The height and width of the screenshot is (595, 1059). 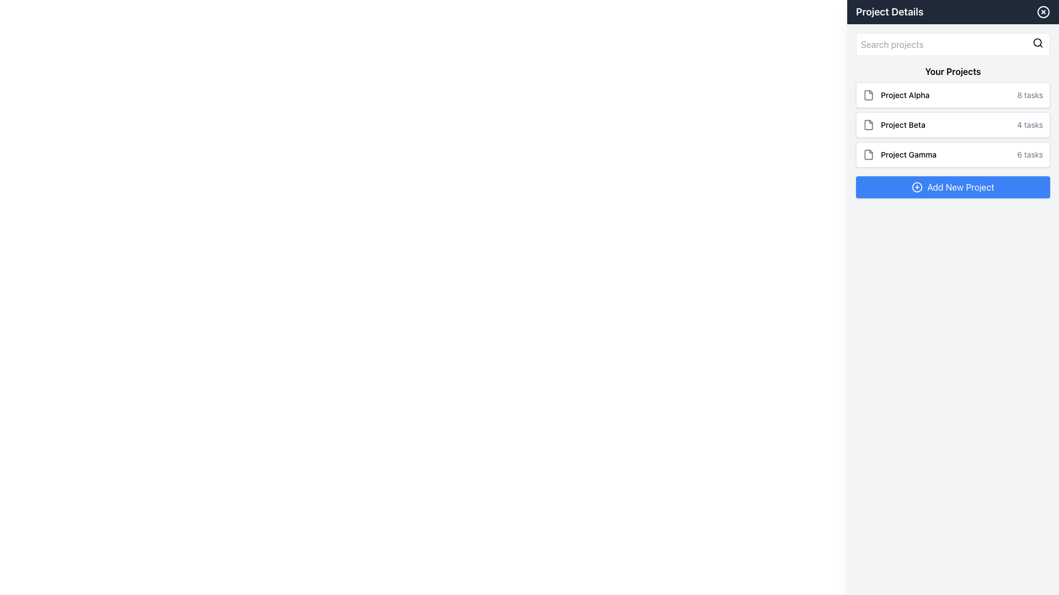 I want to click on the text label displaying '8 tasks' located on the right side of the 'Project Alpha' entry in the project list, so click(x=1029, y=95).